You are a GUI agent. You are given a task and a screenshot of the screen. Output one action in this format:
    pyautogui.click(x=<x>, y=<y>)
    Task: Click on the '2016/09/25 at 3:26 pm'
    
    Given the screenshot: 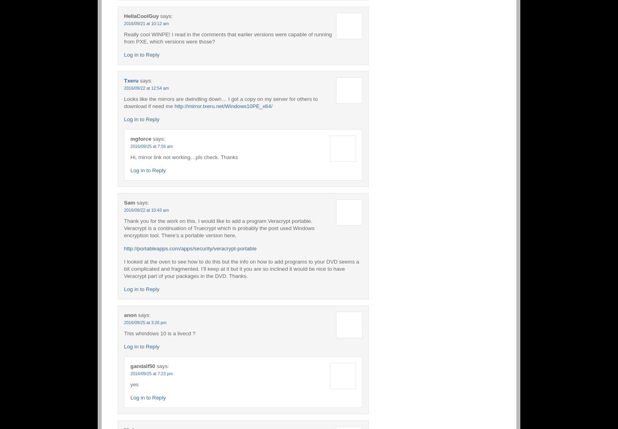 What is the action you would take?
    pyautogui.click(x=144, y=322)
    